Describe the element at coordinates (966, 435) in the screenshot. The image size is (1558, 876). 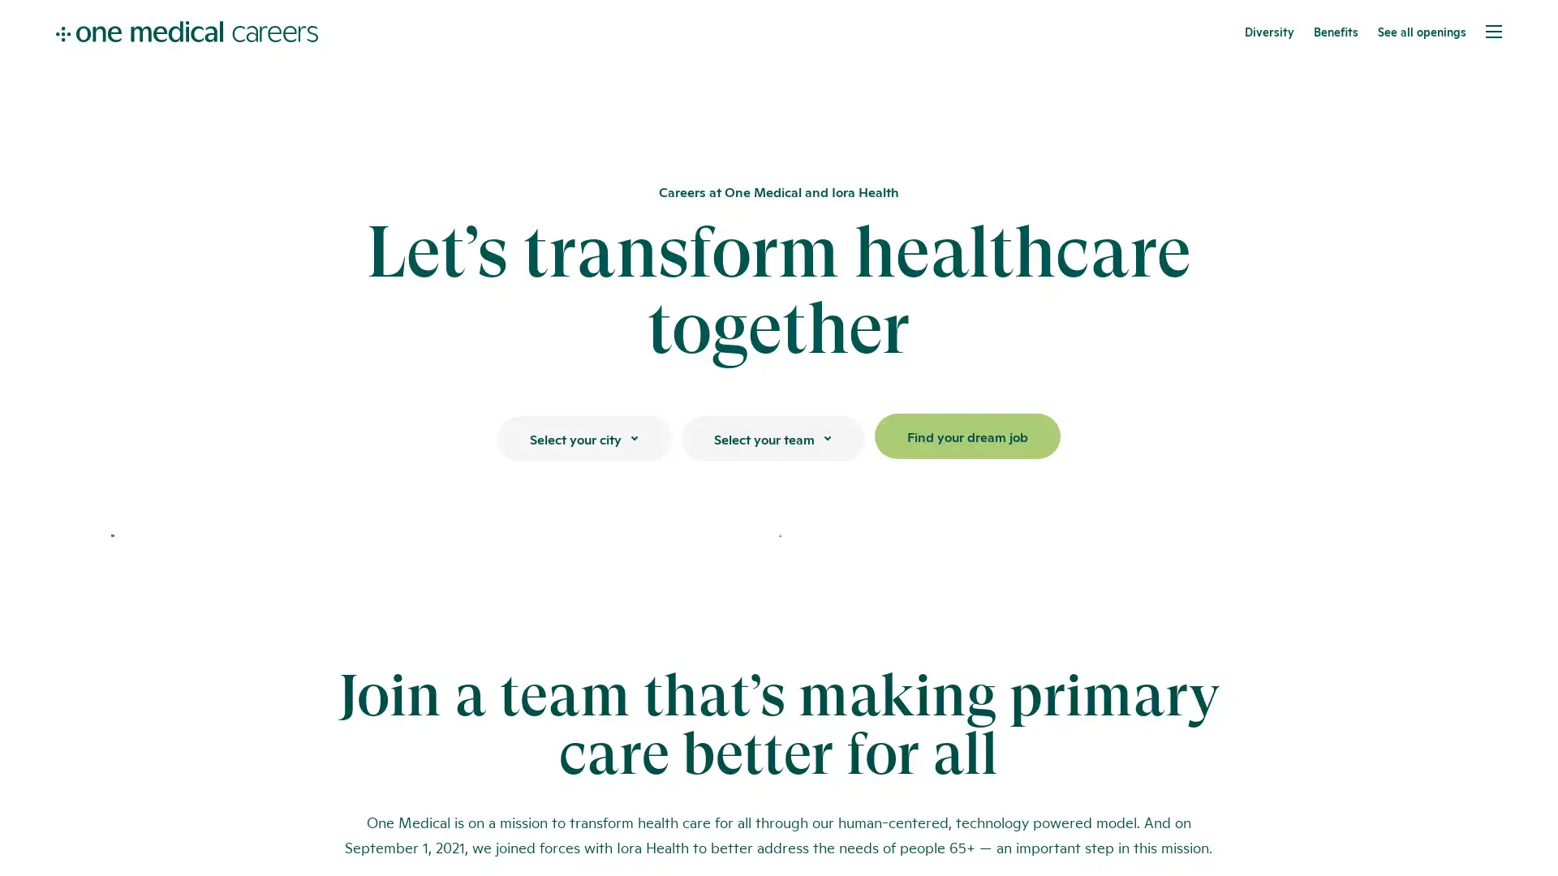
I see `Find your dream job` at that location.